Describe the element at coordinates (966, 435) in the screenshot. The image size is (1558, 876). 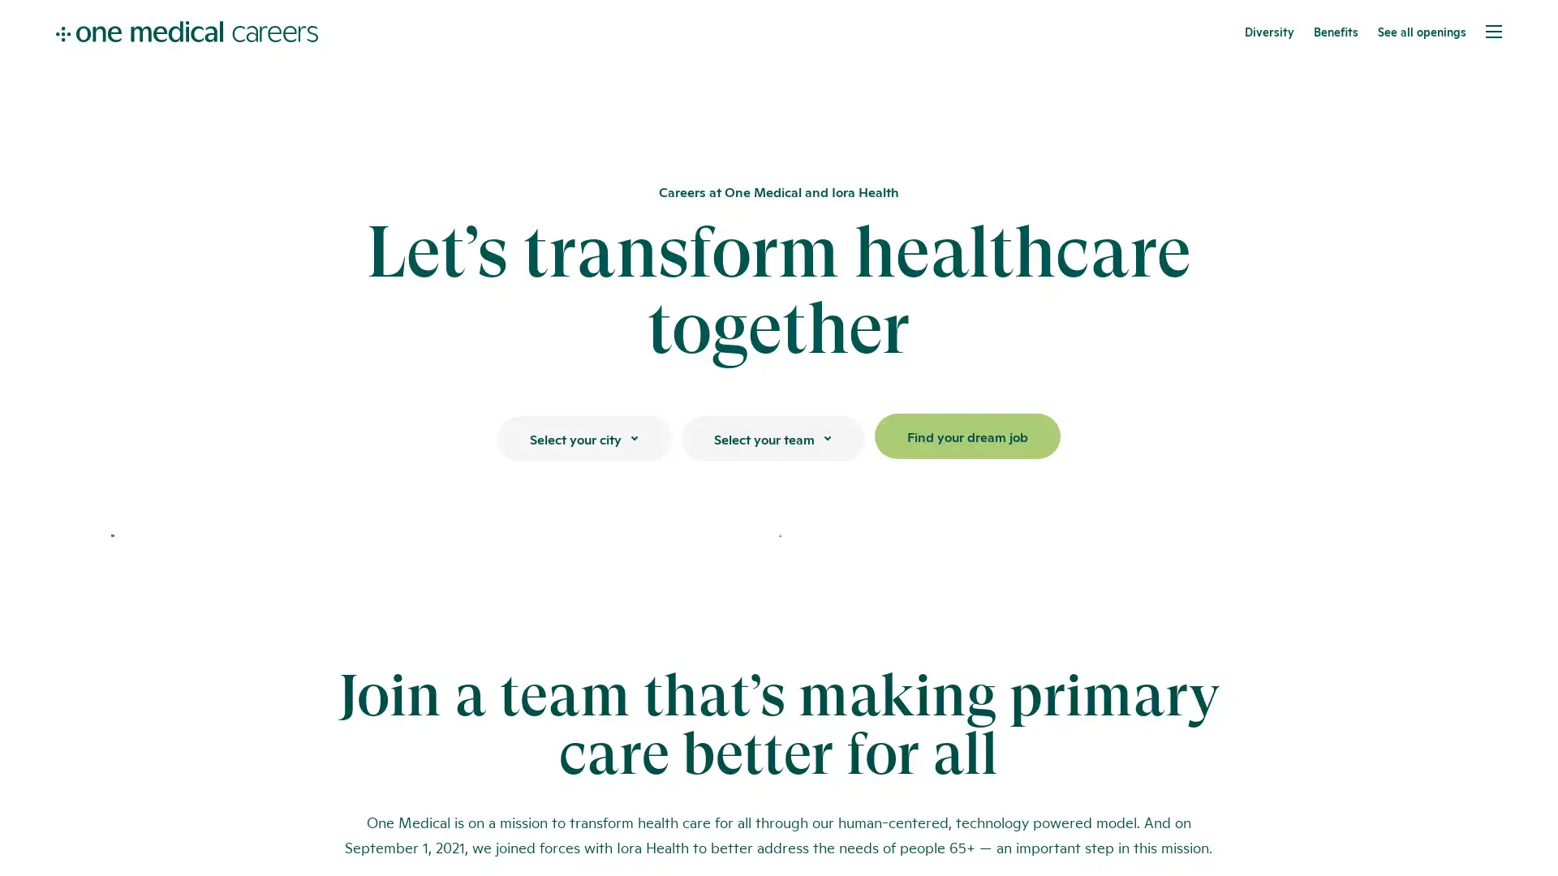
I see `Find your dream job` at that location.